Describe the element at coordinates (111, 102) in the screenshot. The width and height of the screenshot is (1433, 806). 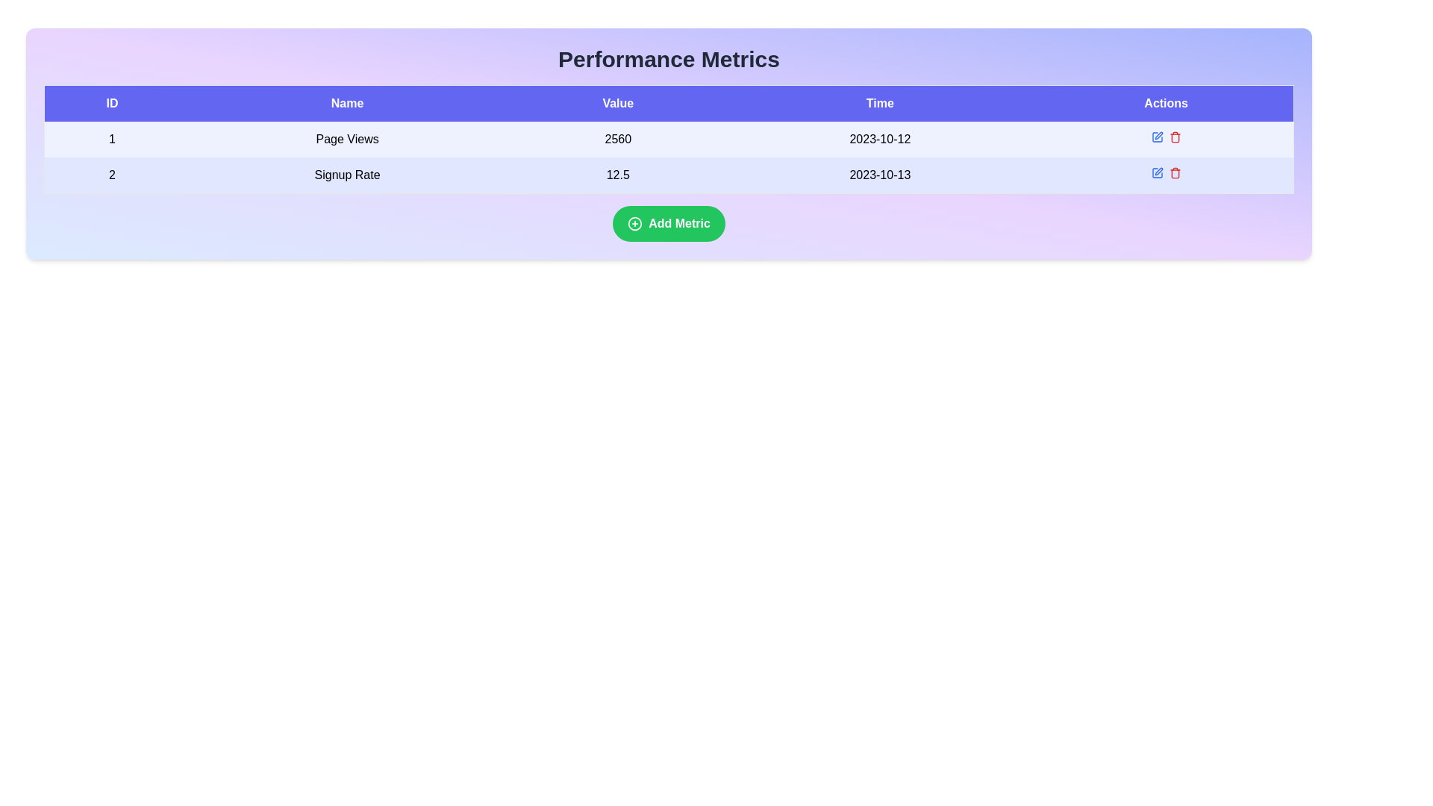
I see `the first column header cell of the table, which serves as a unique identifier for the corresponding column` at that location.